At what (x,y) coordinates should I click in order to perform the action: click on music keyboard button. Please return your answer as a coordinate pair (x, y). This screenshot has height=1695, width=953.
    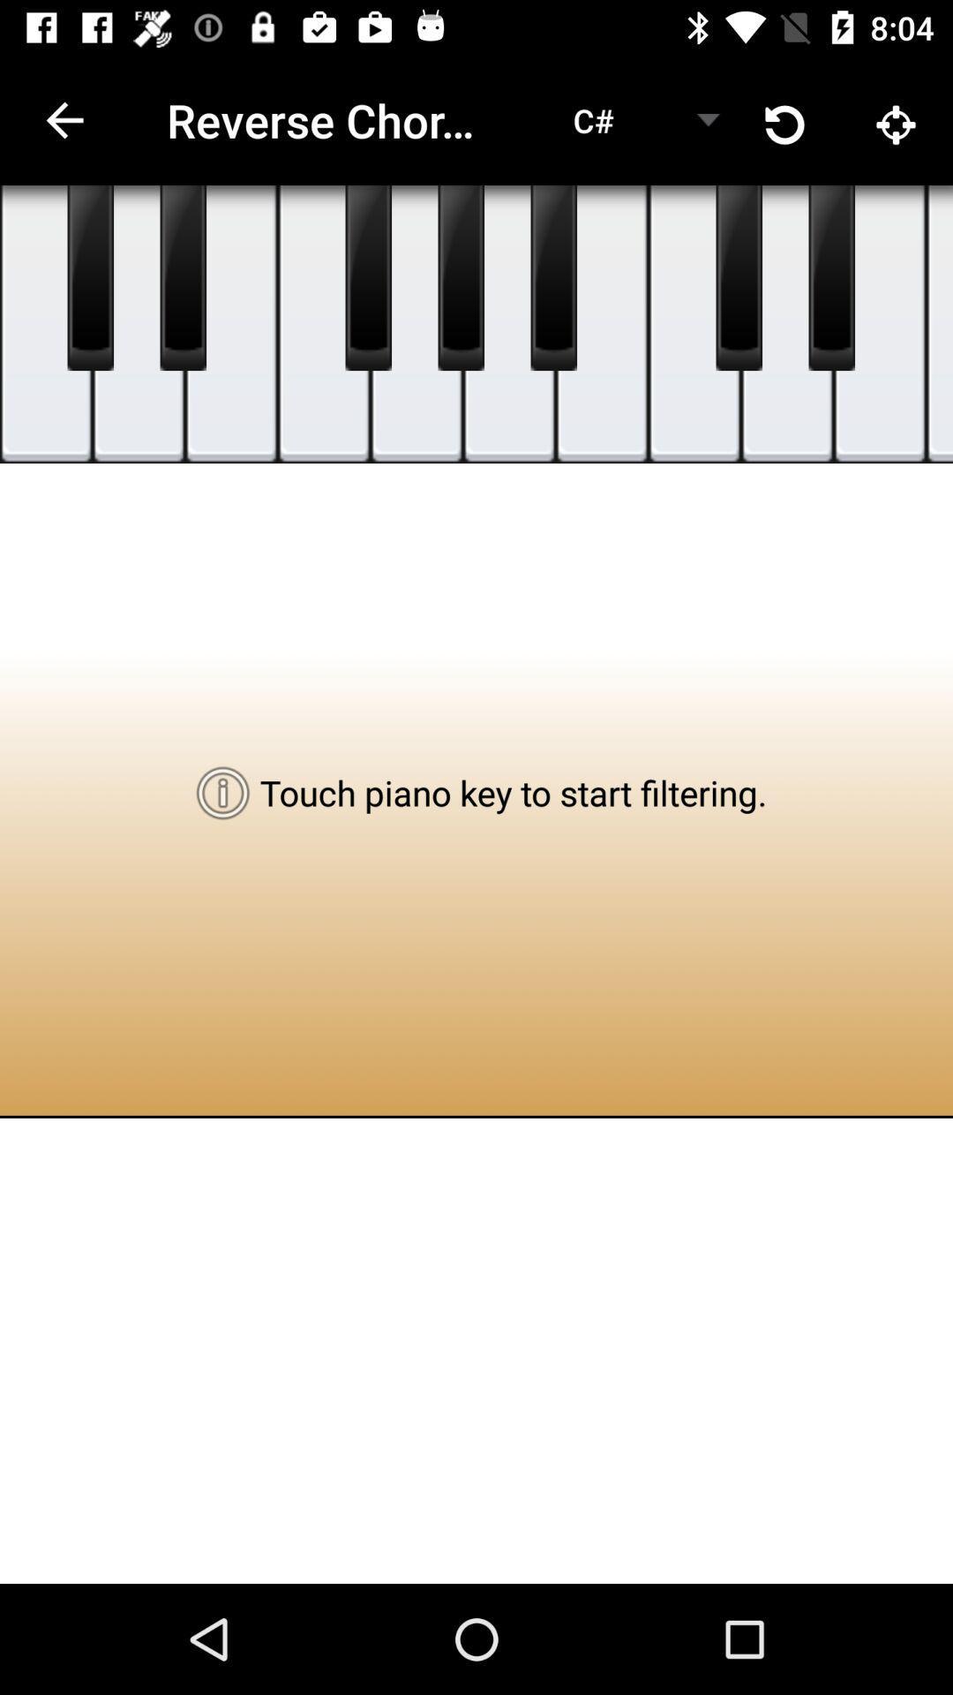
    Looking at the image, I should click on (552, 277).